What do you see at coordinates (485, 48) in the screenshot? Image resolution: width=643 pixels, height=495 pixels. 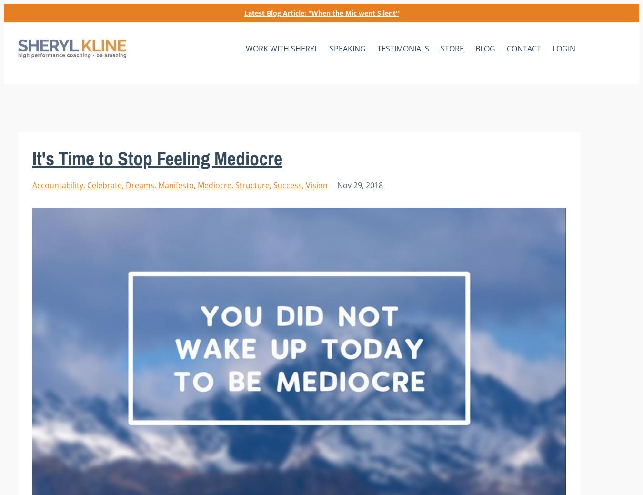 I see `'BLOG'` at bounding box center [485, 48].